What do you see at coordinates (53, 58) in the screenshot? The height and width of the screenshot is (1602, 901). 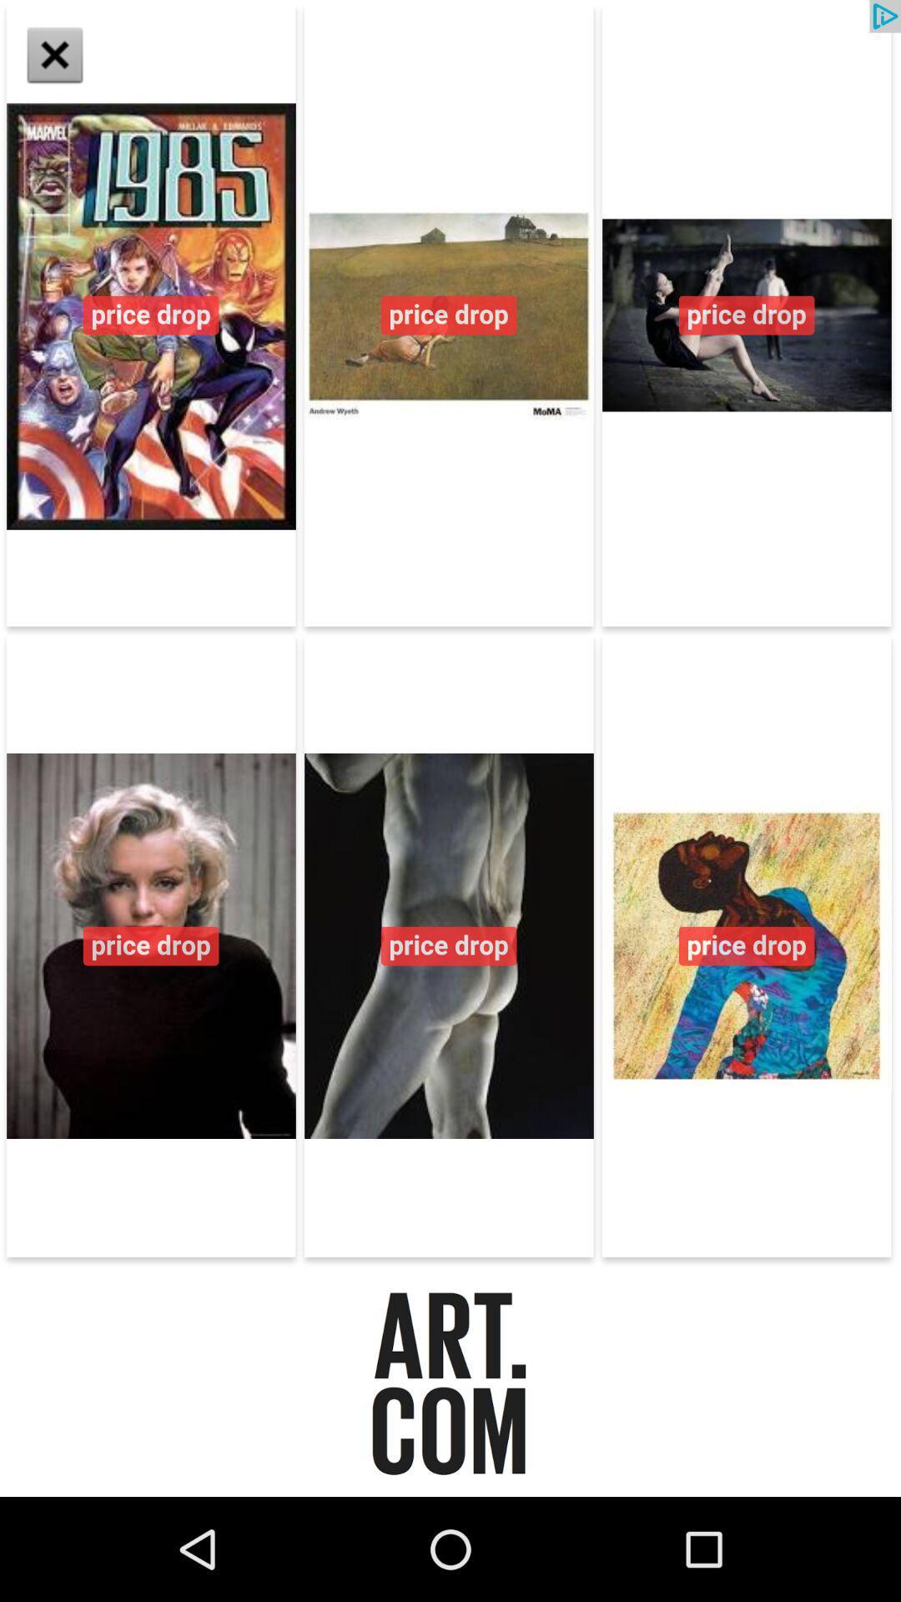 I see `the close icon` at bounding box center [53, 58].